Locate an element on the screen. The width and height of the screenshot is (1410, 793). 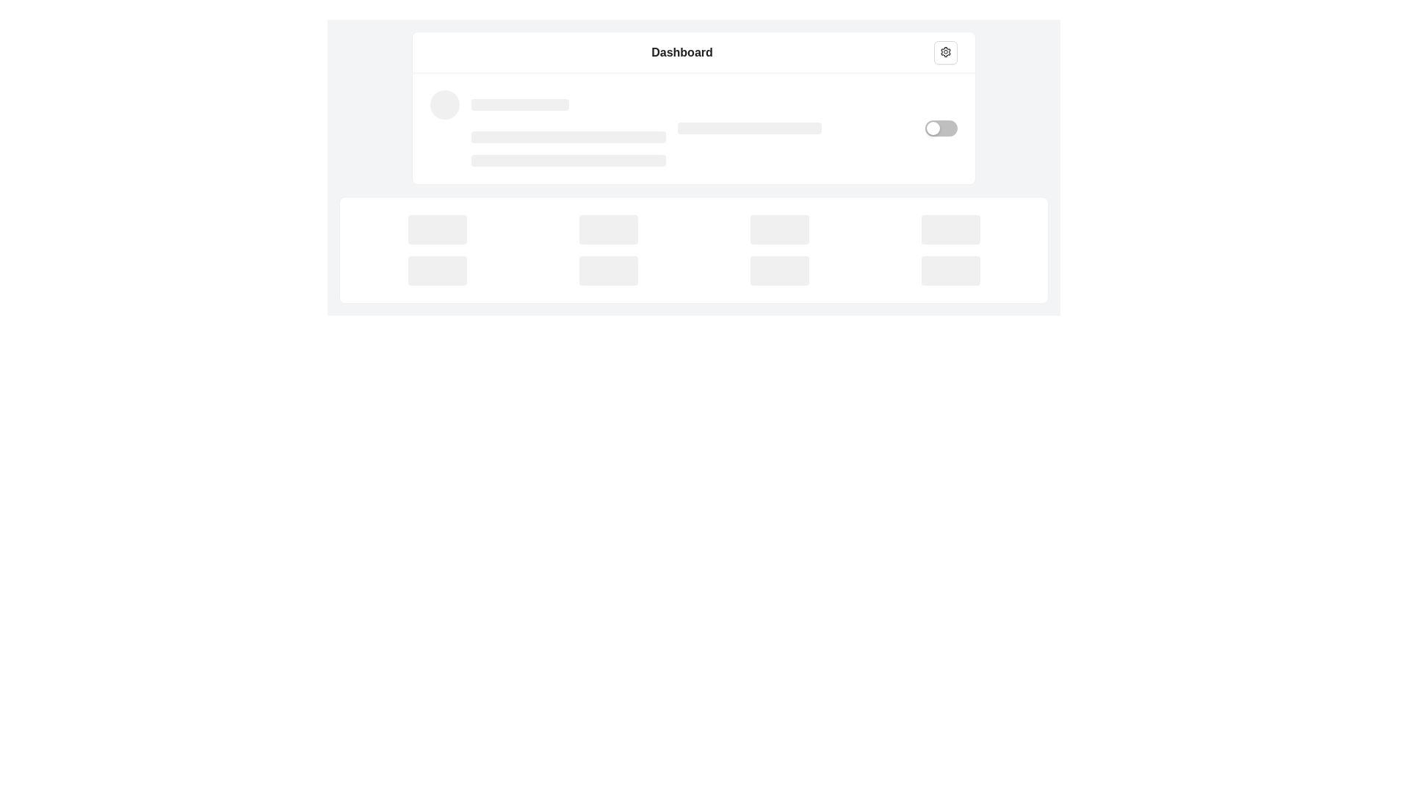
the Skeleton placeholder located in the second row, first column of the grid layout, indicating that content is being loaded or is unavailable is located at coordinates (436, 271).